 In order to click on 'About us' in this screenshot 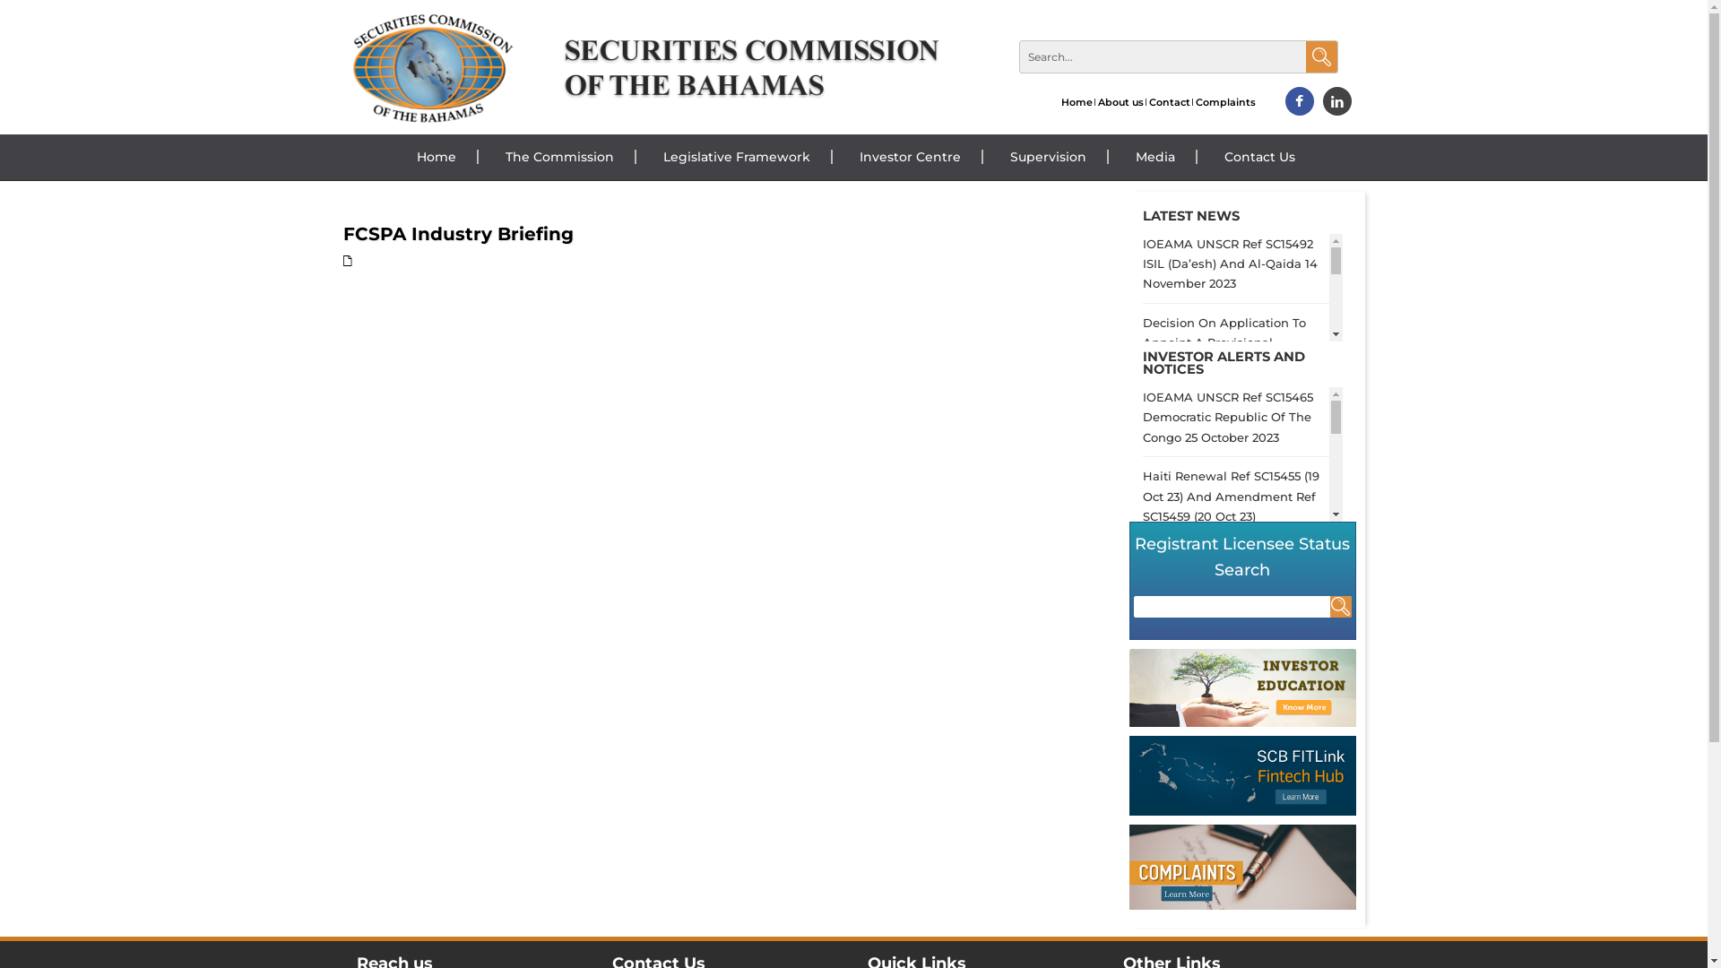, I will do `click(1094, 102)`.